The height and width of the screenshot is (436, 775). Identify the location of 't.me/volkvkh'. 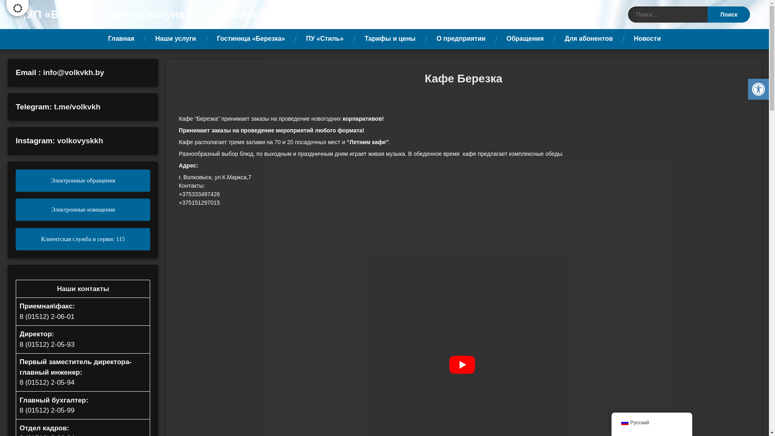
(77, 106).